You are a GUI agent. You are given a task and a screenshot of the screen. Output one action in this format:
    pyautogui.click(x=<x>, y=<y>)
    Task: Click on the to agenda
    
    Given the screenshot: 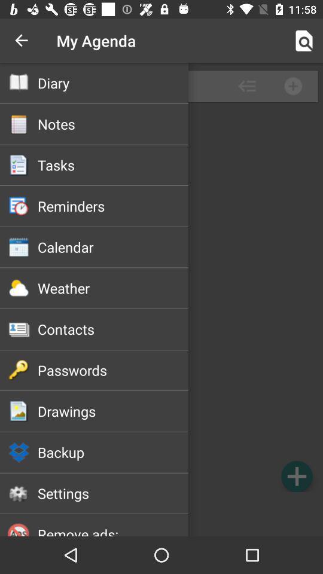 What is the action you would take?
    pyautogui.click(x=296, y=476)
    